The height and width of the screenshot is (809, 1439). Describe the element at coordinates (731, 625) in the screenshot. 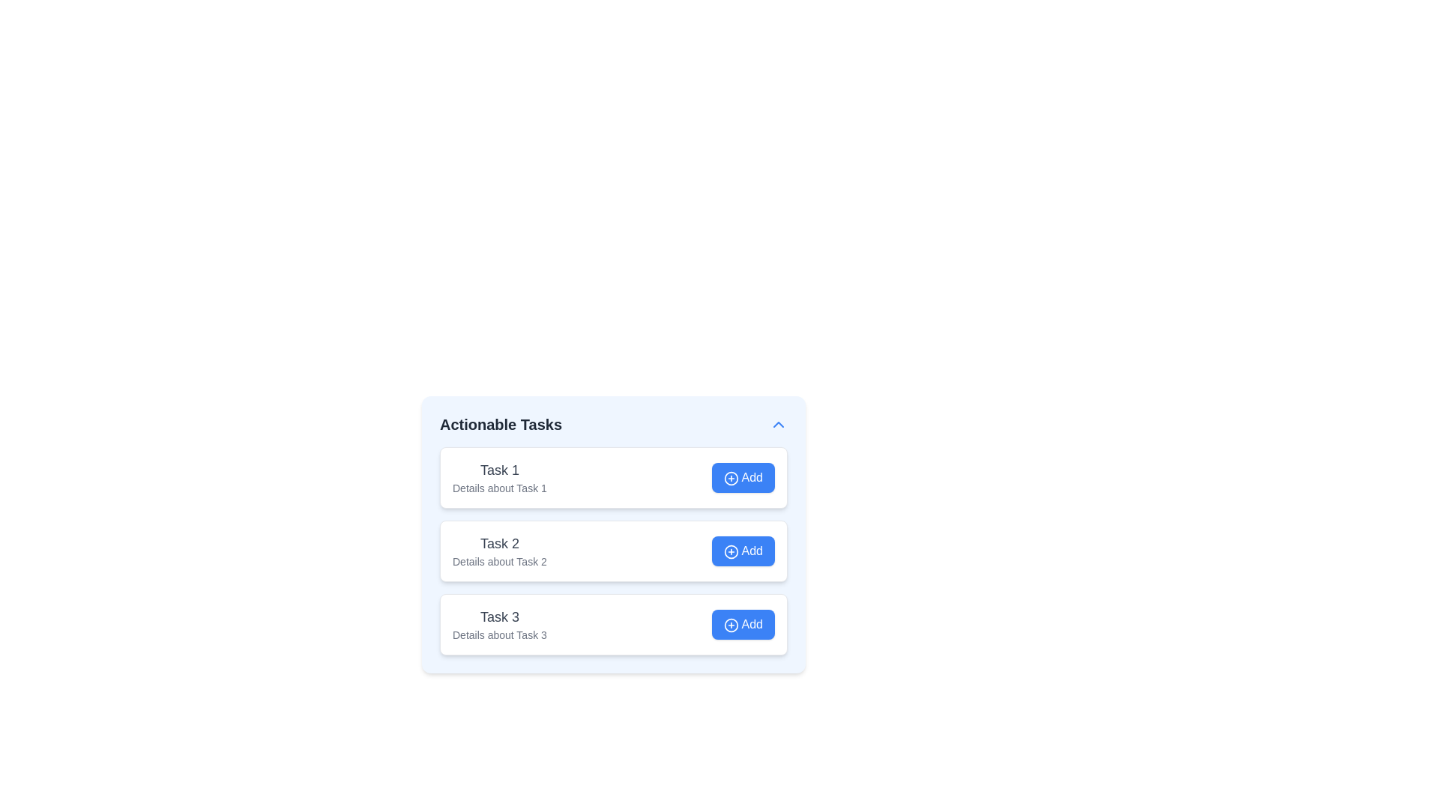

I see `the circular outlined icon with a plus symbol located within the 'Add' button for 'Task 3'` at that location.